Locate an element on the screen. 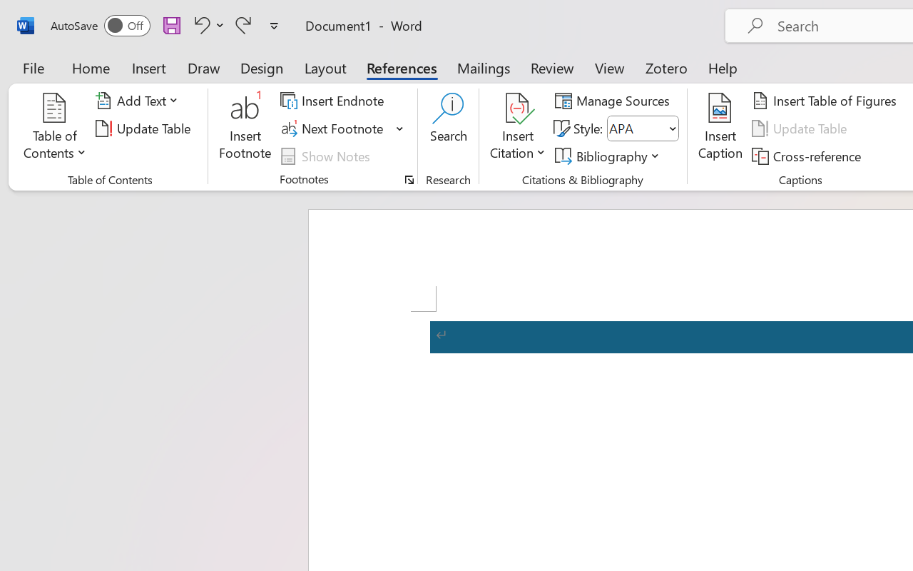  'Insert Table of Figures...' is located at coordinates (827, 101).